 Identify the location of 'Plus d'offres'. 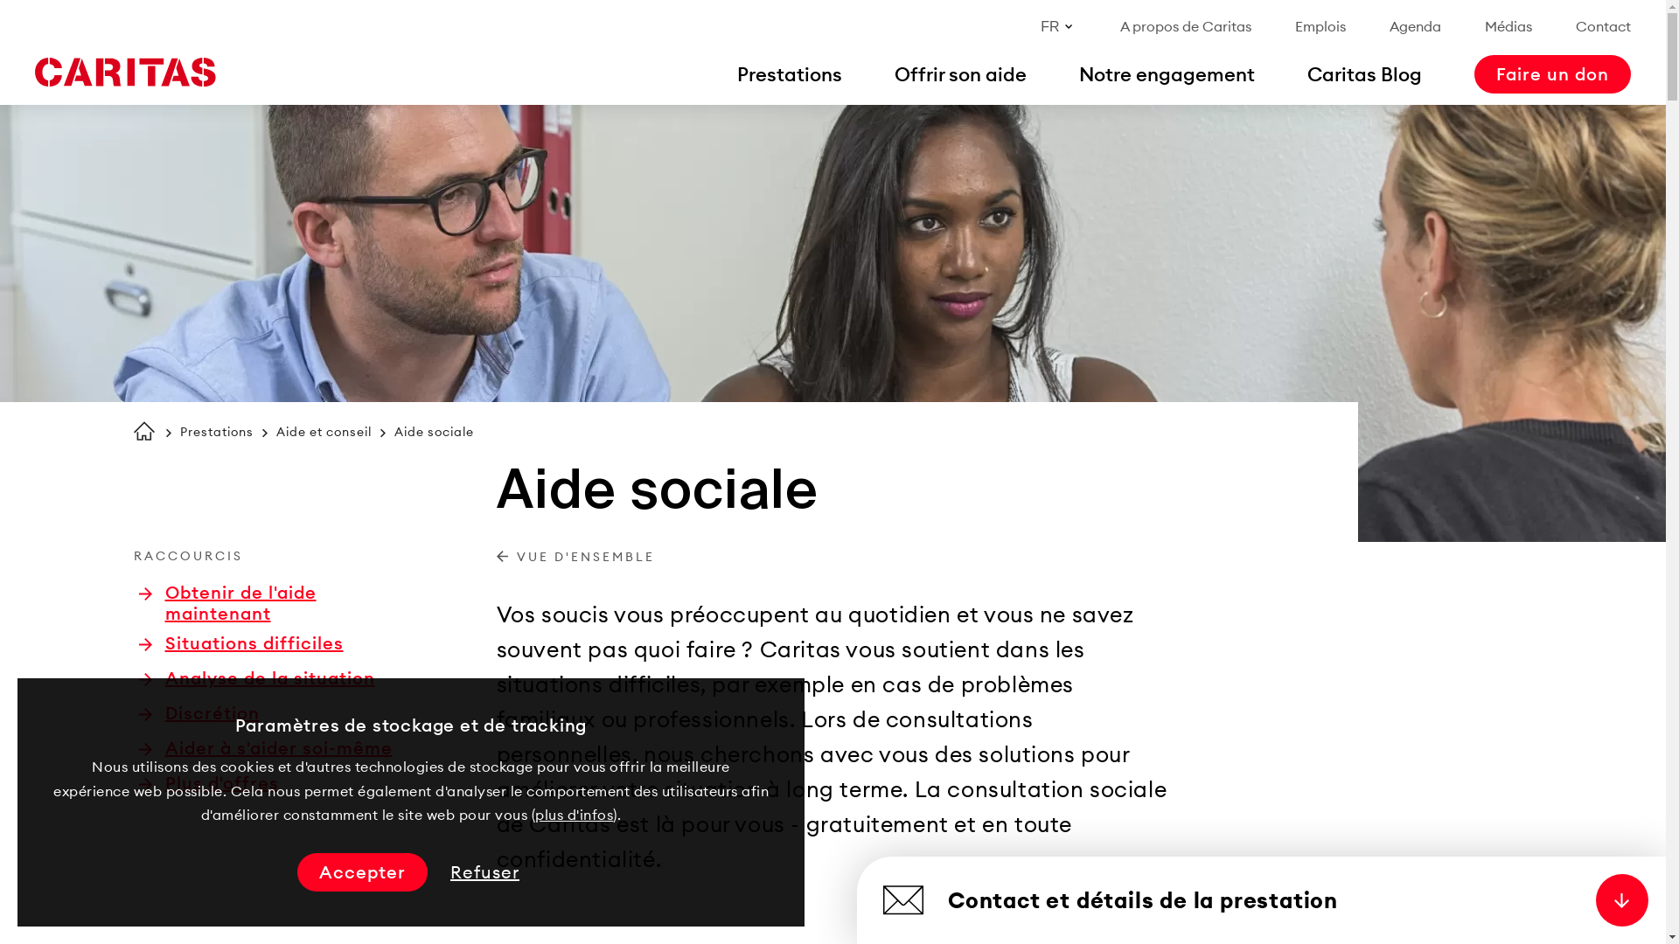
(208, 781).